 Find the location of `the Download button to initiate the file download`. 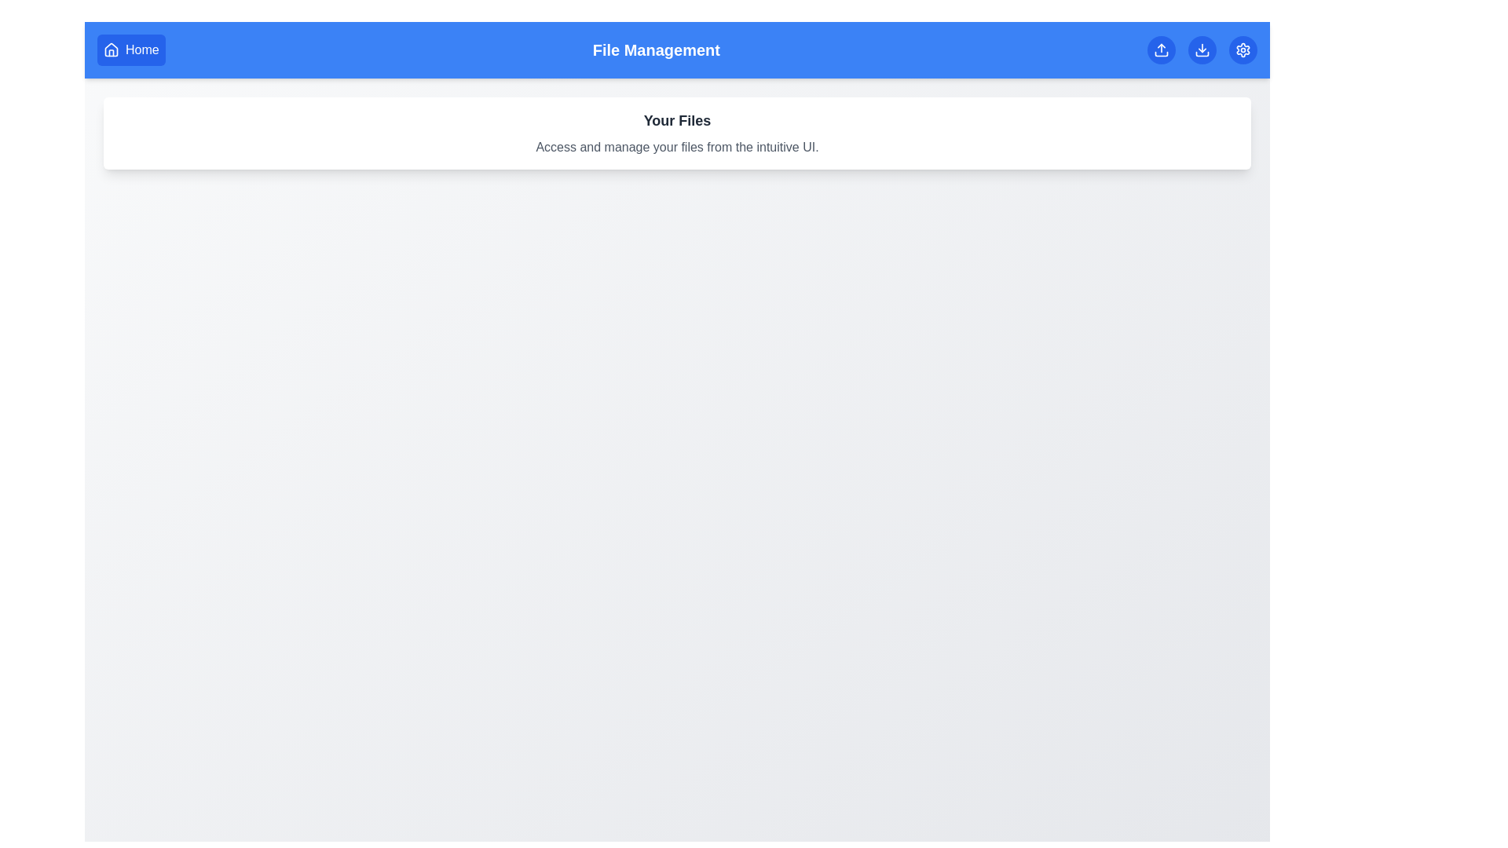

the Download button to initiate the file download is located at coordinates (1202, 49).